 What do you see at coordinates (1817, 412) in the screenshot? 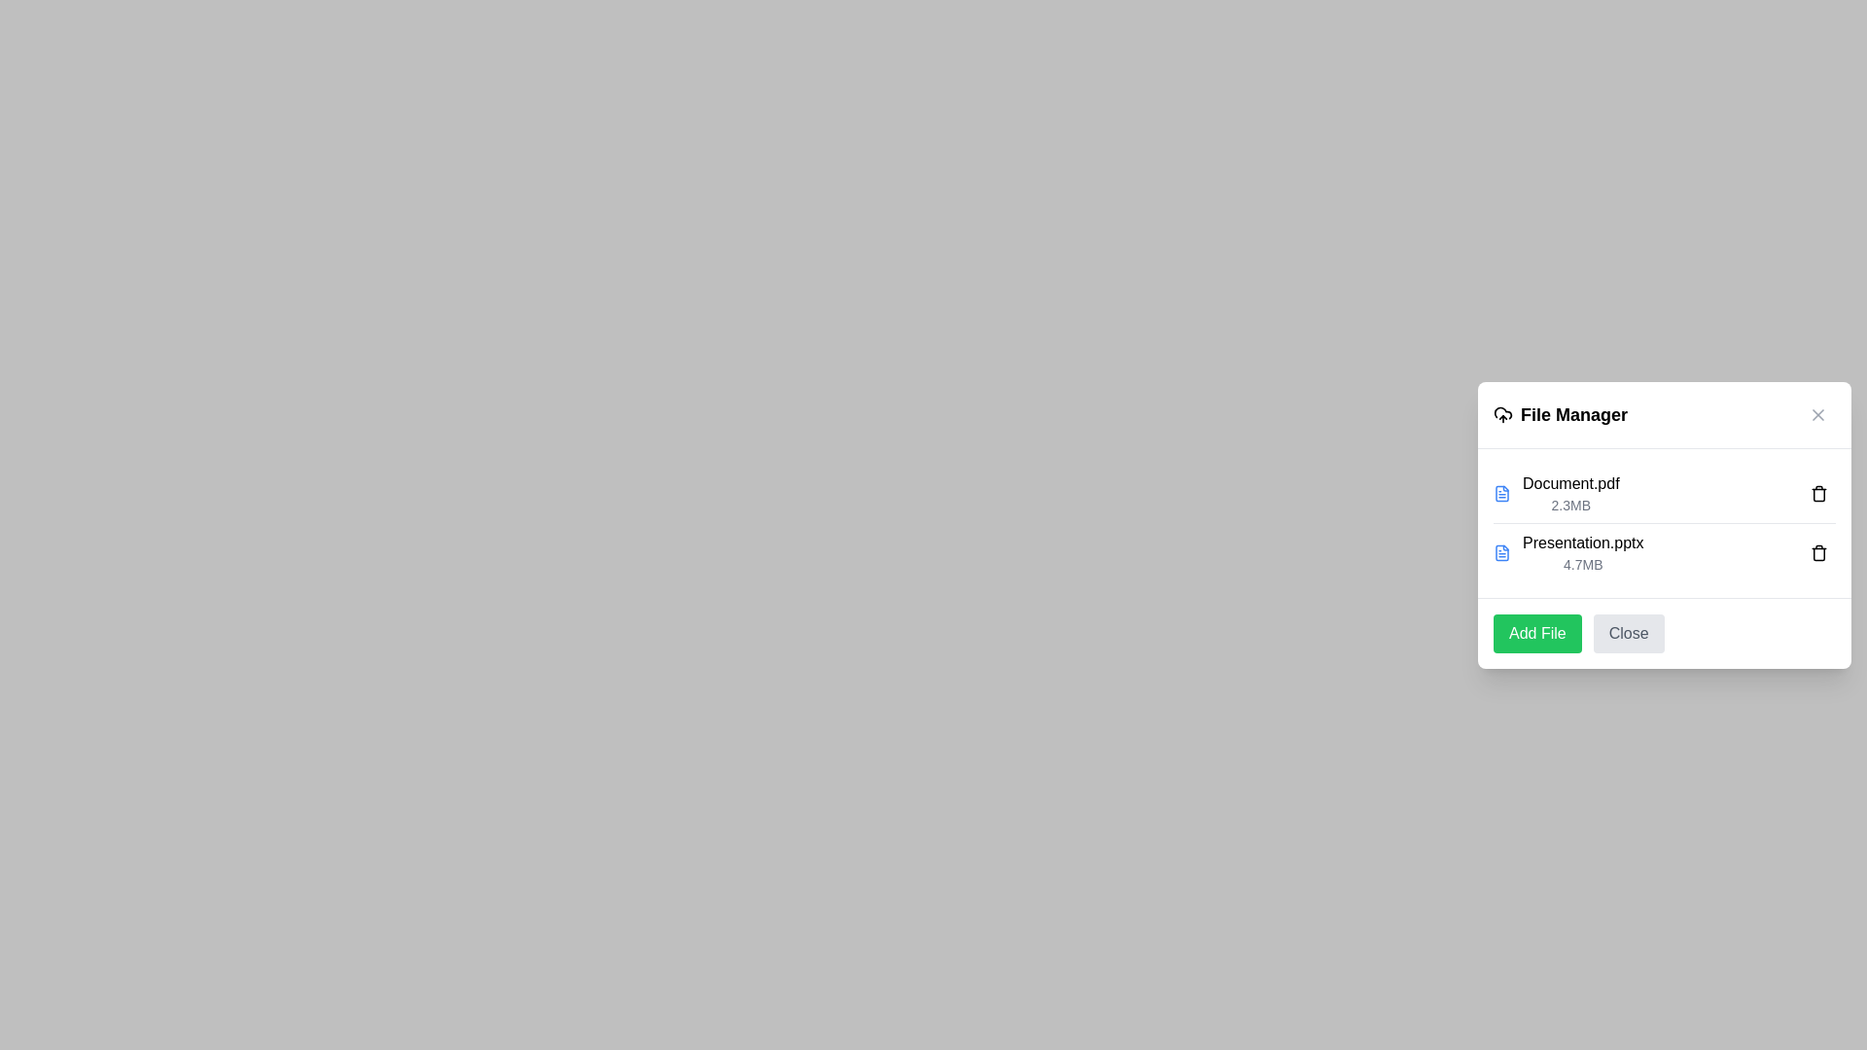
I see `the 'Close' icon button located at the top-right corner of the 'File Manager' modal dialog` at bounding box center [1817, 412].